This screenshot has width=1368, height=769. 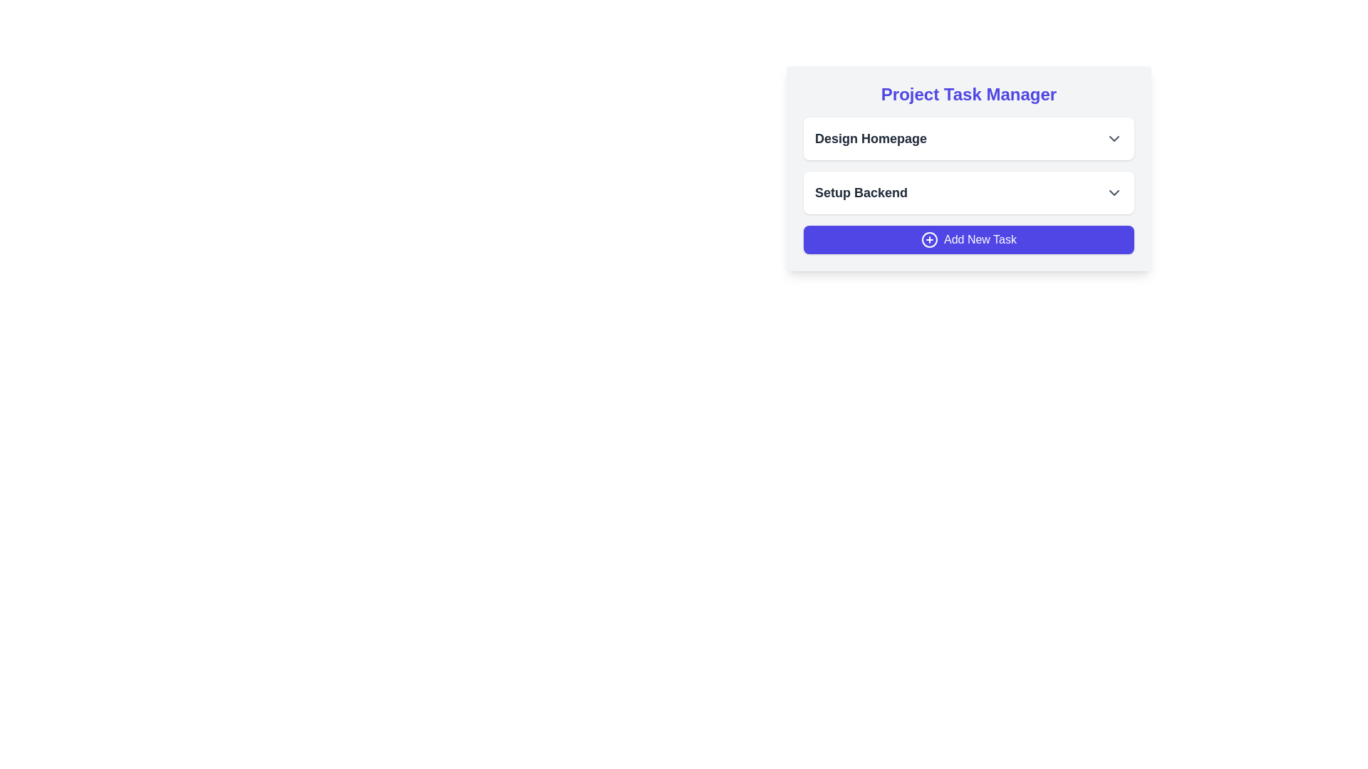 I want to click on the icon button for adding a new task located within the 'Add New Task' button in the 'Project Task Manager' interface to receive potential visual feedback, so click(x=930, y=239).